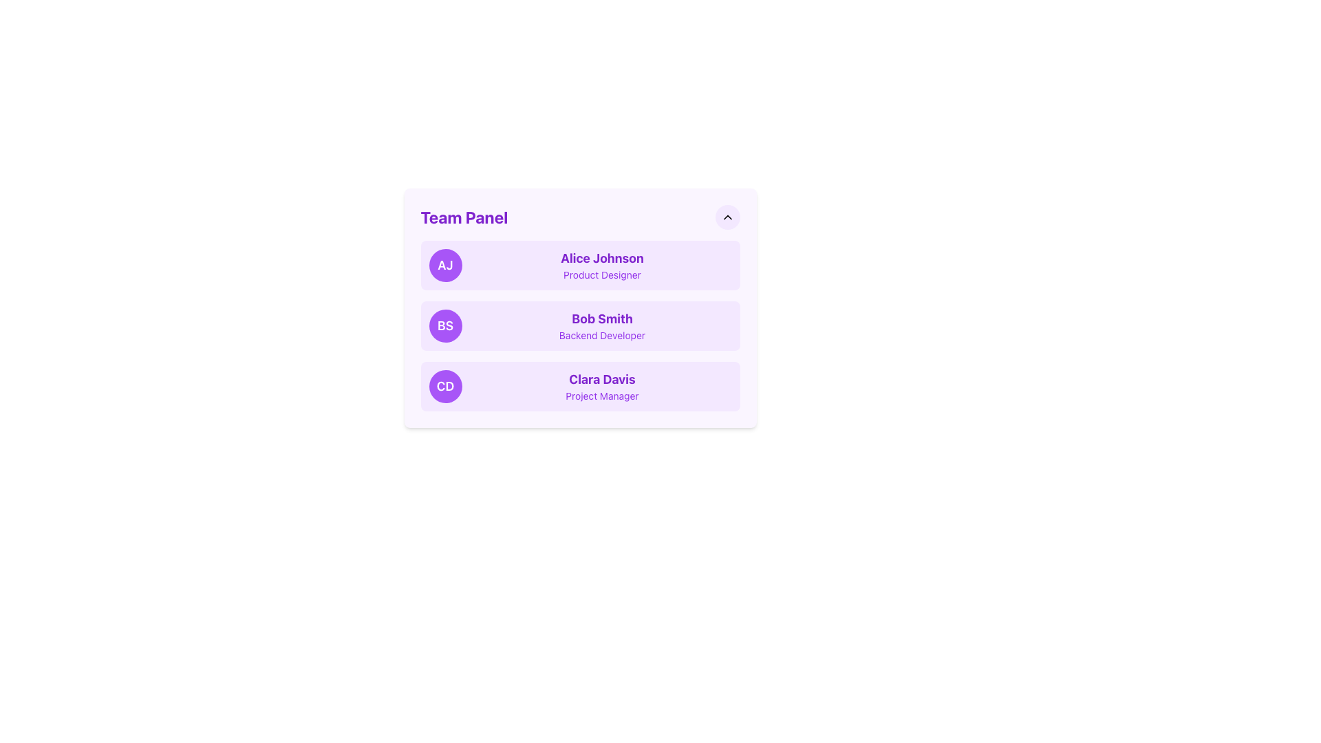  What do you see at coordinates (602, 275) in the screenshot?
I see `the text label that describes the user's role or job title, located under the name 'Alice Johnson' in the card` at bounding box center [602, 275].